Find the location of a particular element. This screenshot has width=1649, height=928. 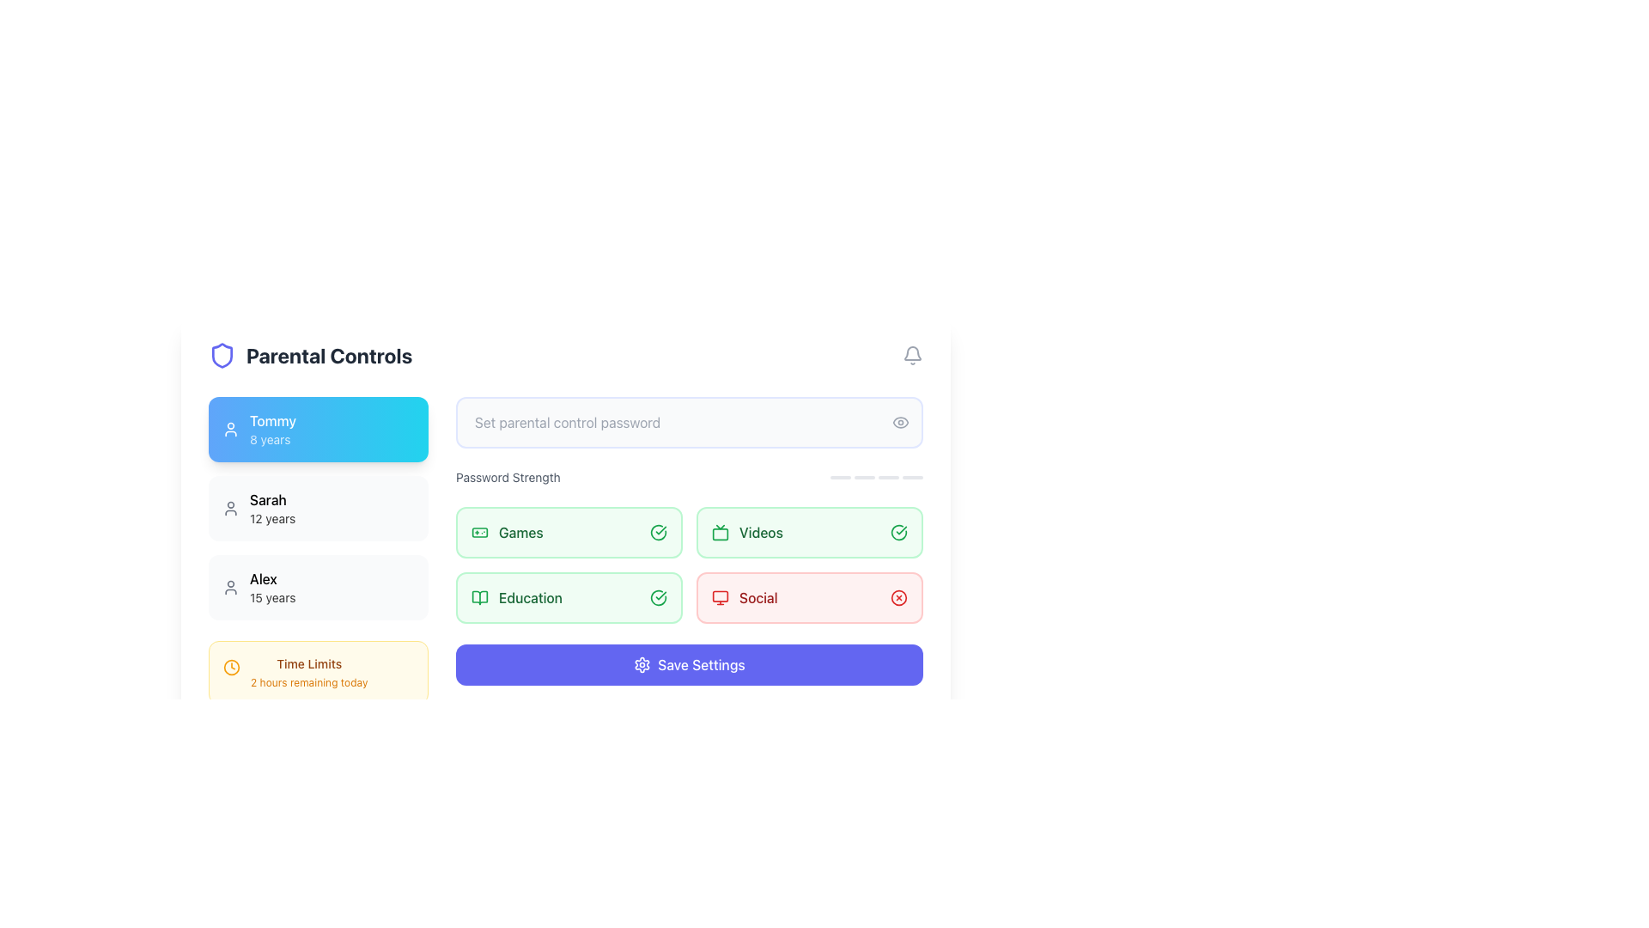

static text label displaying '15 years' located below the name 'Alex' in the left sidebar under 'Parental Controls' is located at coordinates (271, 596).